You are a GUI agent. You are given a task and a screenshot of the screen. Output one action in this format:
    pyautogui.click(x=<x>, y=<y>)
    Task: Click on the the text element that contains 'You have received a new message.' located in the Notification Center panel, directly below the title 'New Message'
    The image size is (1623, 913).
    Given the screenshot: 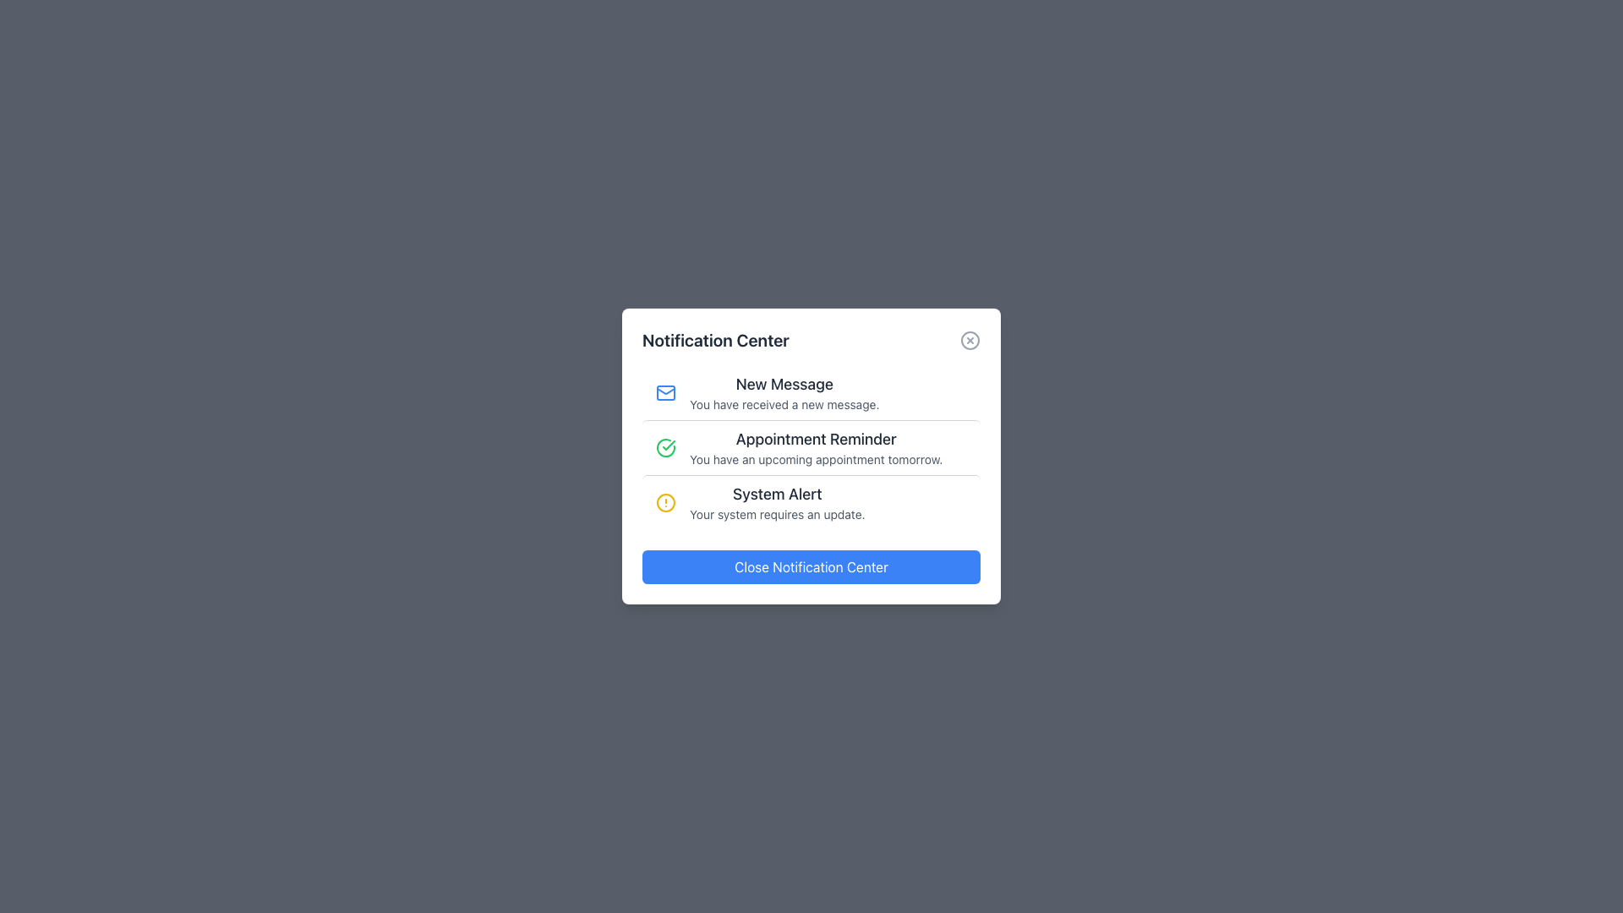 What is the action you would take?
    pyautogui.click(x=784, y=404)
    